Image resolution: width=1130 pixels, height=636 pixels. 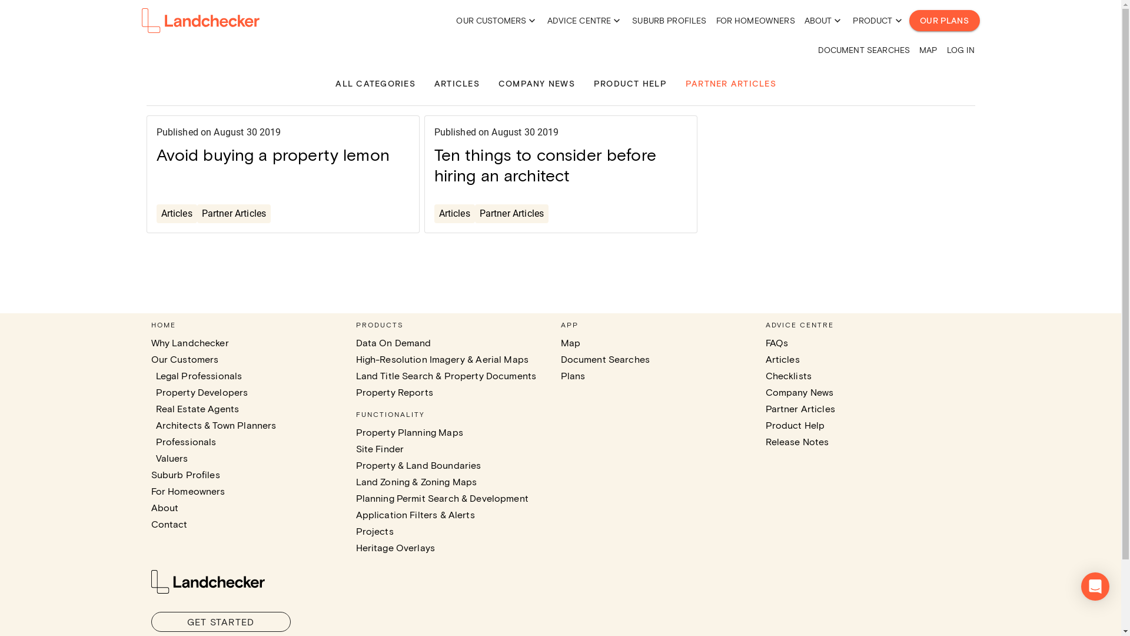 I want to click on 'Property & Land Boundaries', so click(x=418, y=465).